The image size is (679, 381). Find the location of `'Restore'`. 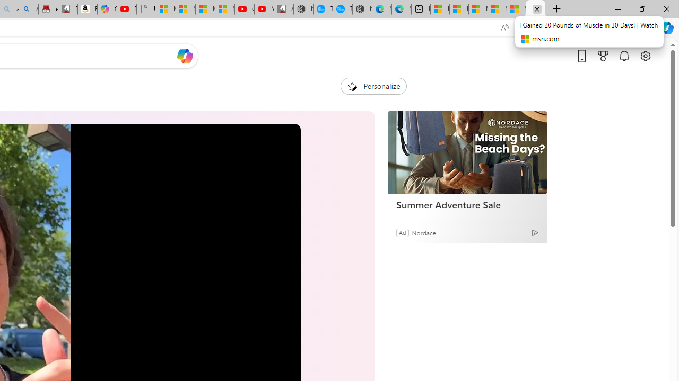

'Restore' is located at coordinates (641, 8).